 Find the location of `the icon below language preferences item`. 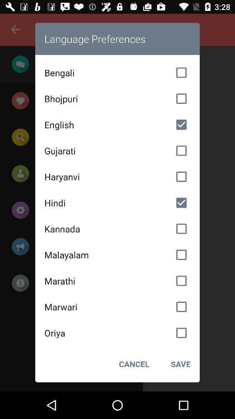

the icon below language preferences item is located at coordinates (117, 72).